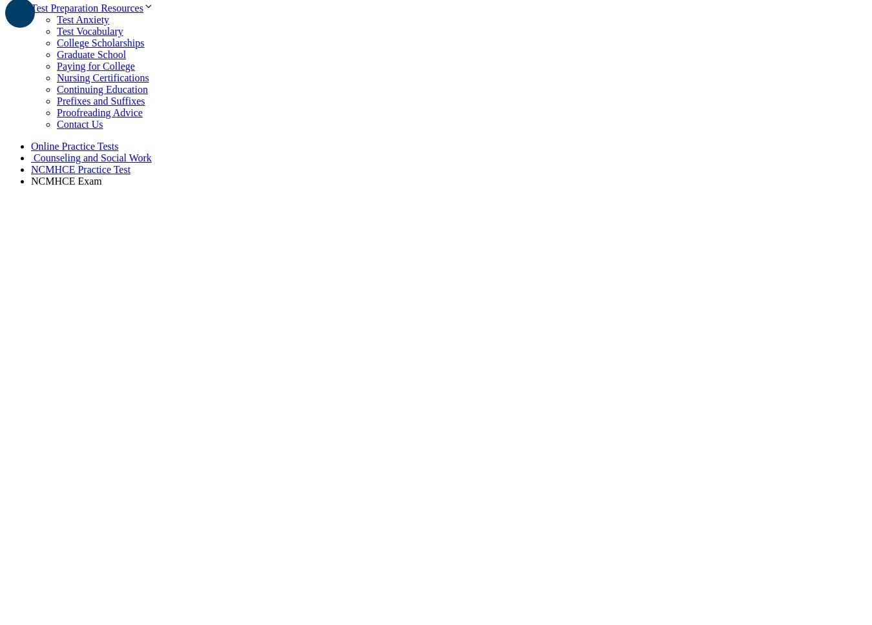  Describe the element at coordinates (74, 145) in the screenshot. I see `'Online Practice Tests'` at that location.